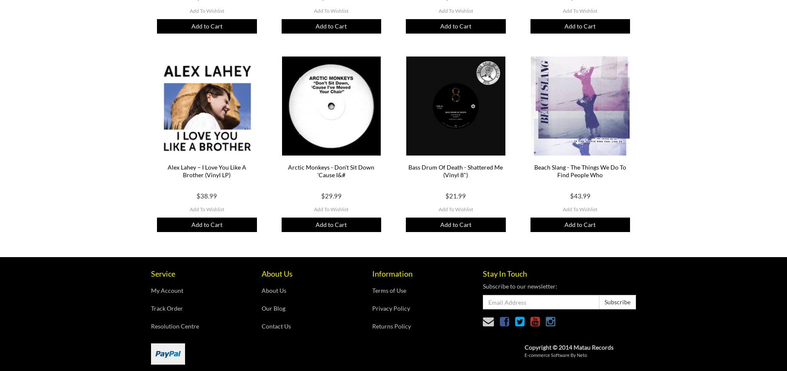 This screenshot has height=371, width=787. What do you see at coordinates (166, 308) in the screenshot?
I see `'Track Order'` at bounding box center [166, 308].